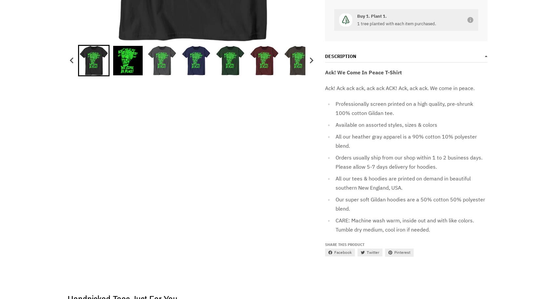  I want to click on 'Pinterest', so click(402, 252).